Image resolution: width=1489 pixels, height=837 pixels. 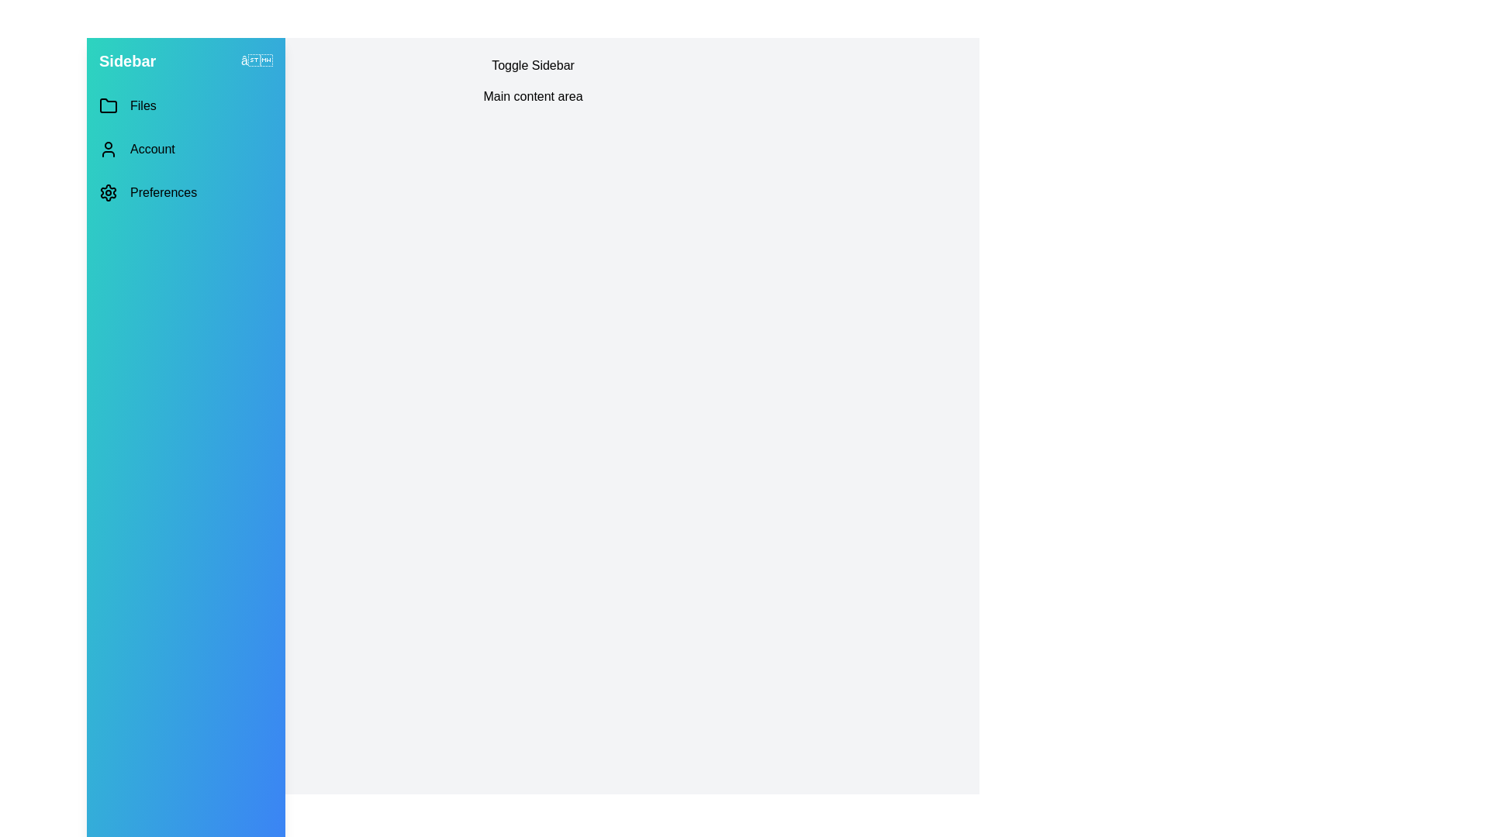 I want to click on the 'Account' section in the sidebar to navigate to it, so click(x=186, y=149).